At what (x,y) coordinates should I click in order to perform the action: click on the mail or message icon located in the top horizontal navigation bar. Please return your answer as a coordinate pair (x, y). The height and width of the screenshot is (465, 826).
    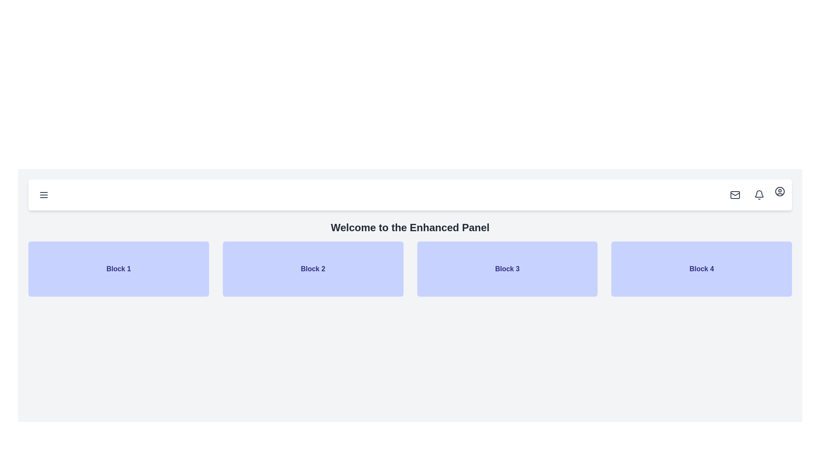
    Looking at the image, I should click on (734, 195).